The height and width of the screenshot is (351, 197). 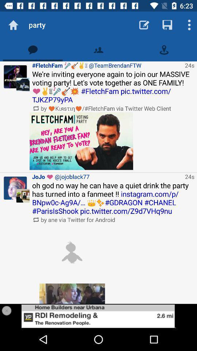 I want to click on image, so click(x=72, y=252).